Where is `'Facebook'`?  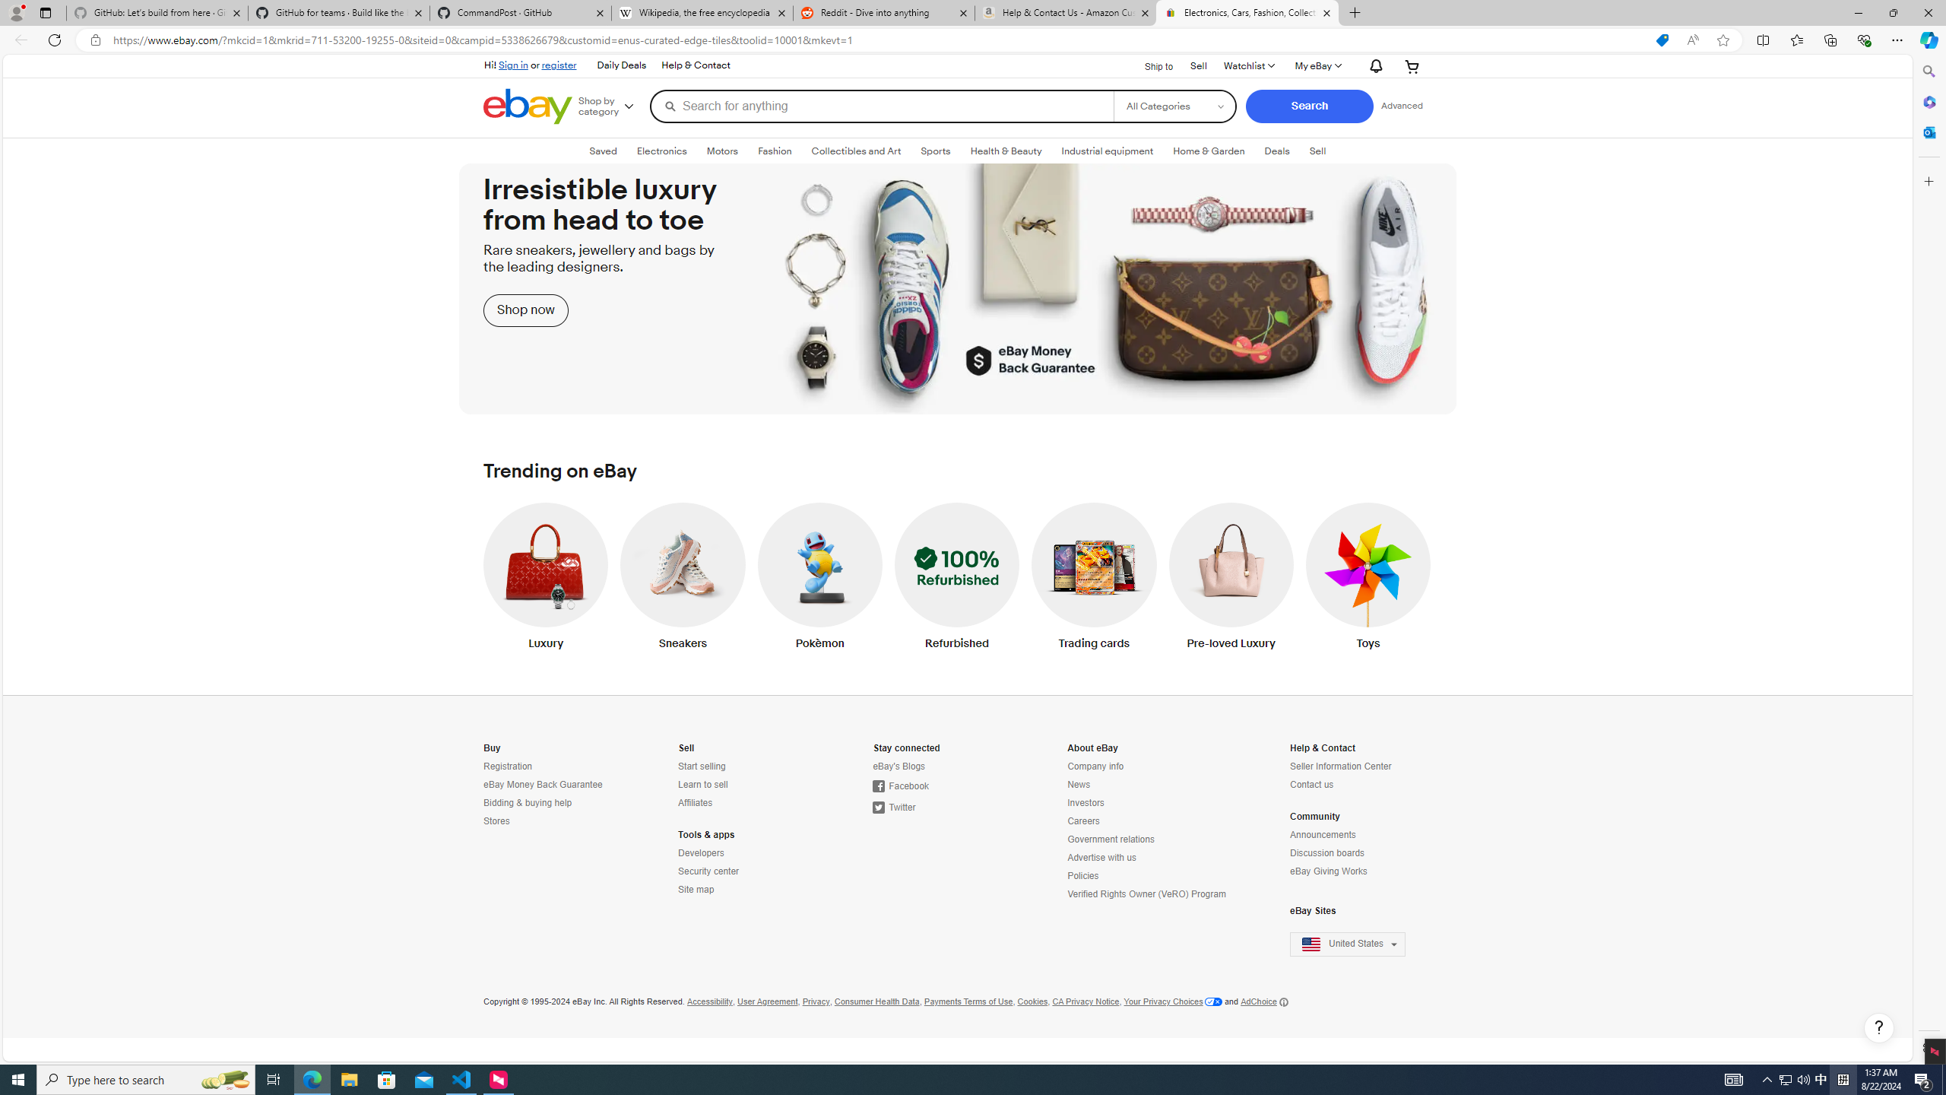
'Facebook' is located at coordinates (899, 786).